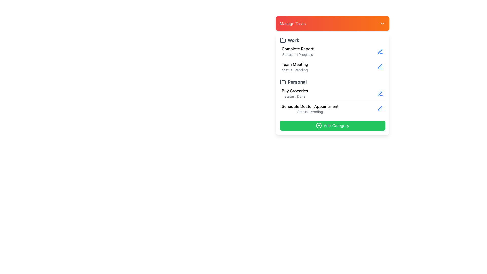 The height and width of the screenshot is (274, 487). What do you see at coordinates (380, 66) in the screenshot?
I see `the icon button located to the right of the 'Team Meeting' task in the 'Work' category to initiate editing the task details` at bounding box center [380, 66].